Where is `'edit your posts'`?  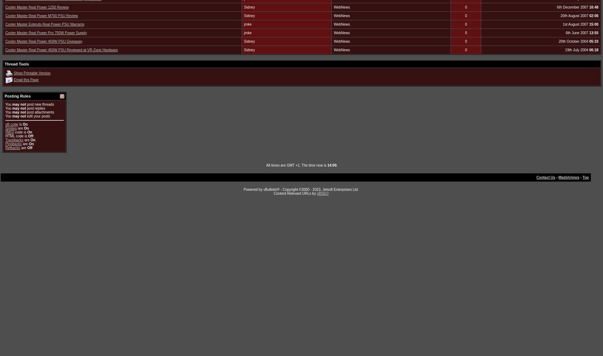 'edit your posts' is located at coordinates (38, 115).